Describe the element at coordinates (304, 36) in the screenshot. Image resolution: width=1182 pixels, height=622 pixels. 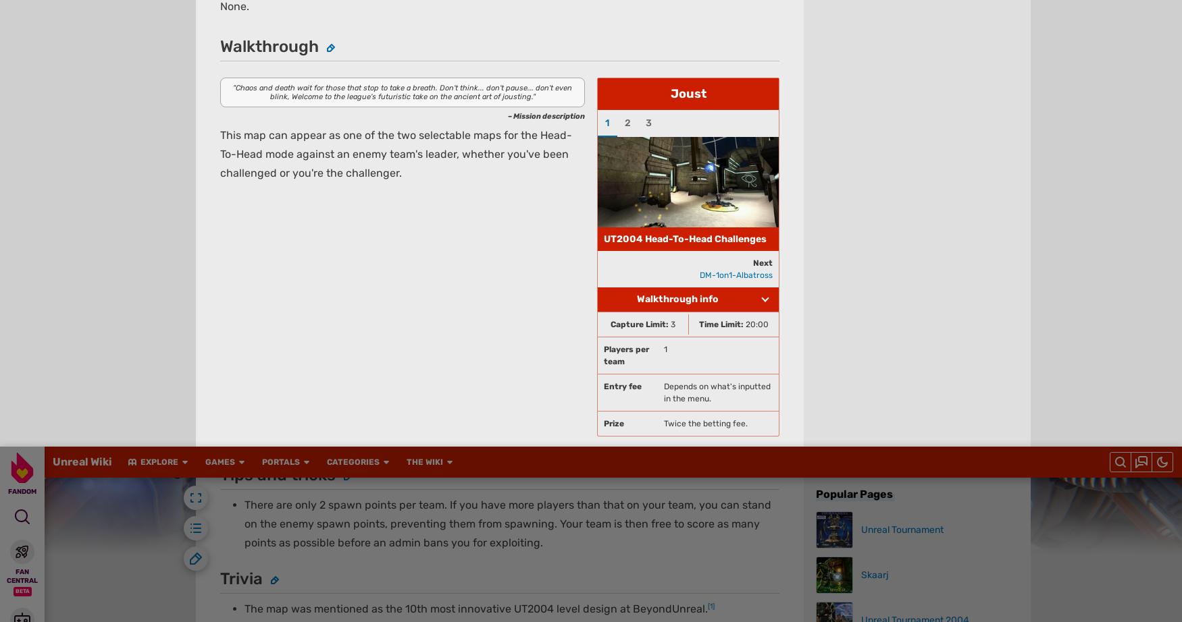
I see `'Follow Us'` at that location.